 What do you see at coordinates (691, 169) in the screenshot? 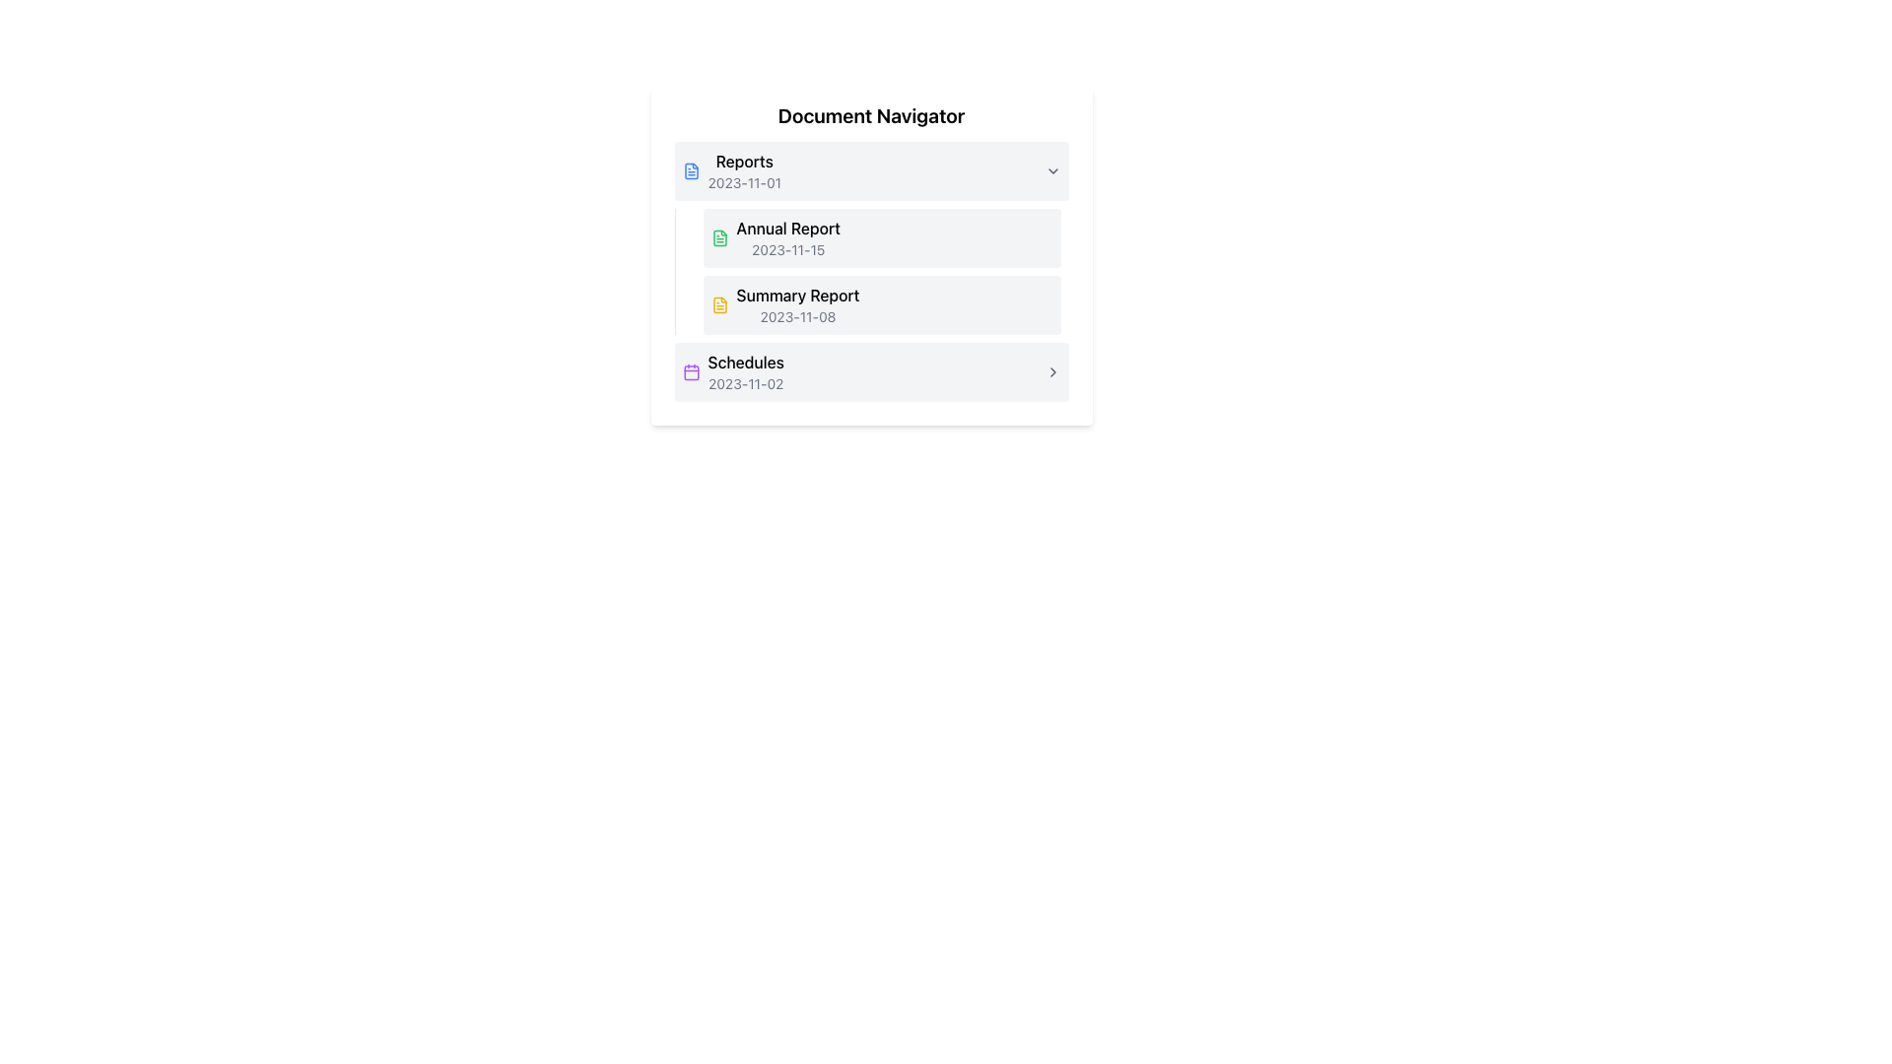
I see `the vector graphic element associated with the 'Reports' section in the 'Document Navigator' interface, located to the left of the 'Reports' label` at bounding box center [691, 169].